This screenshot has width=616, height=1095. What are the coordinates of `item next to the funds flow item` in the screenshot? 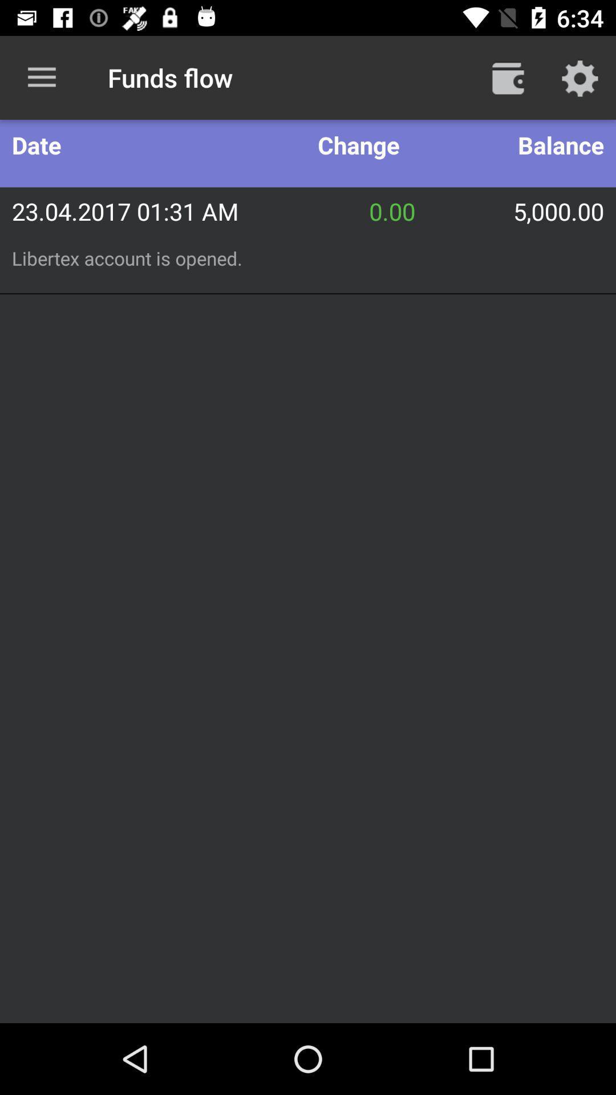 It's located at (41, 77).